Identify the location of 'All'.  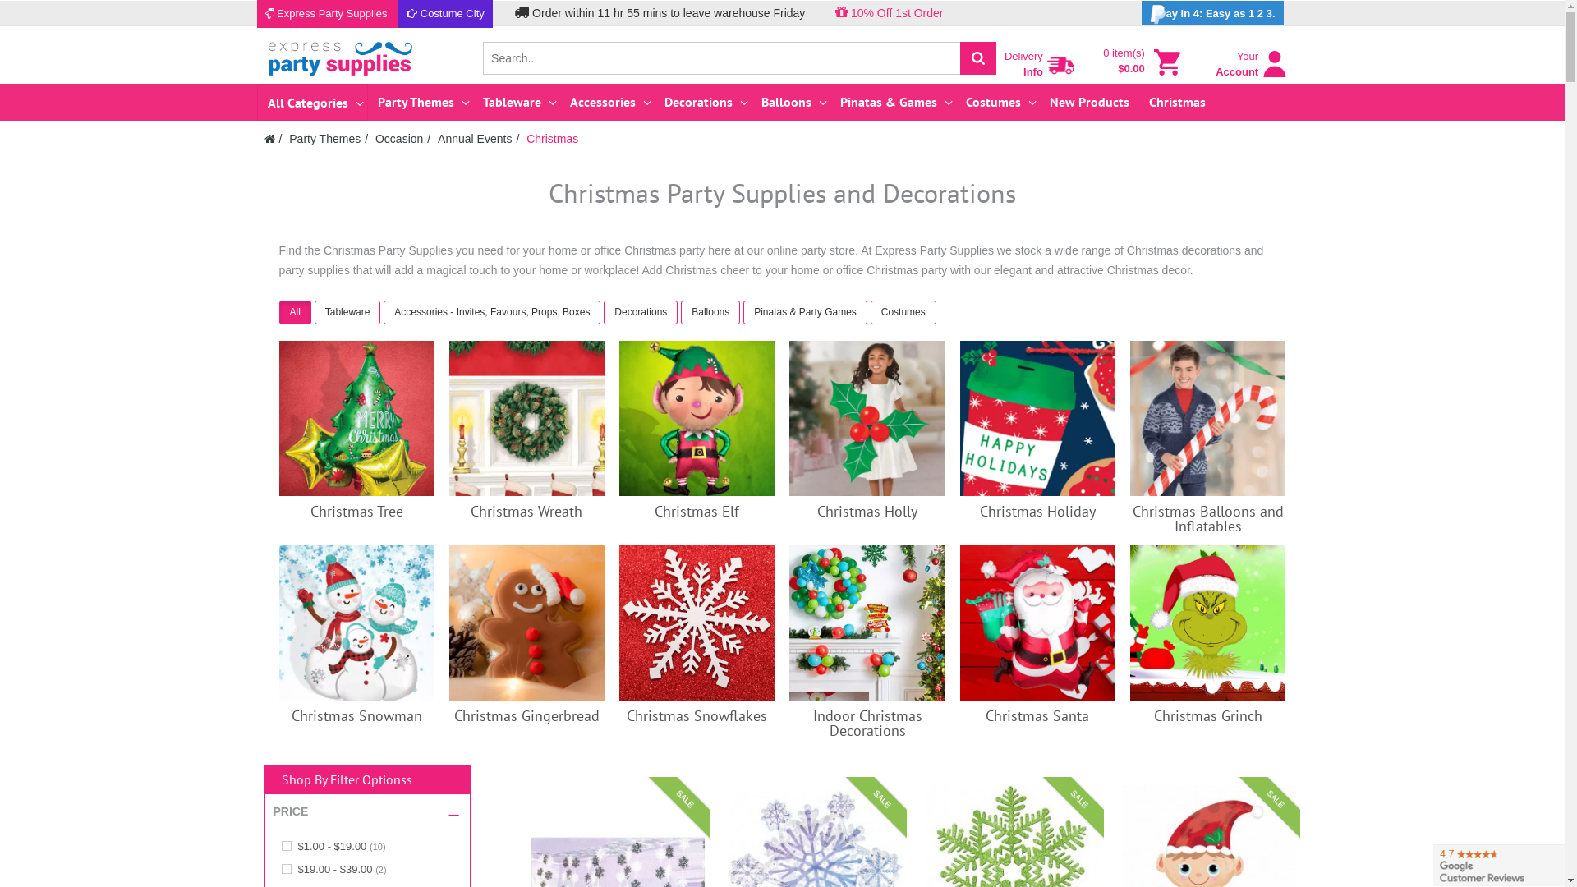
(295, 312).